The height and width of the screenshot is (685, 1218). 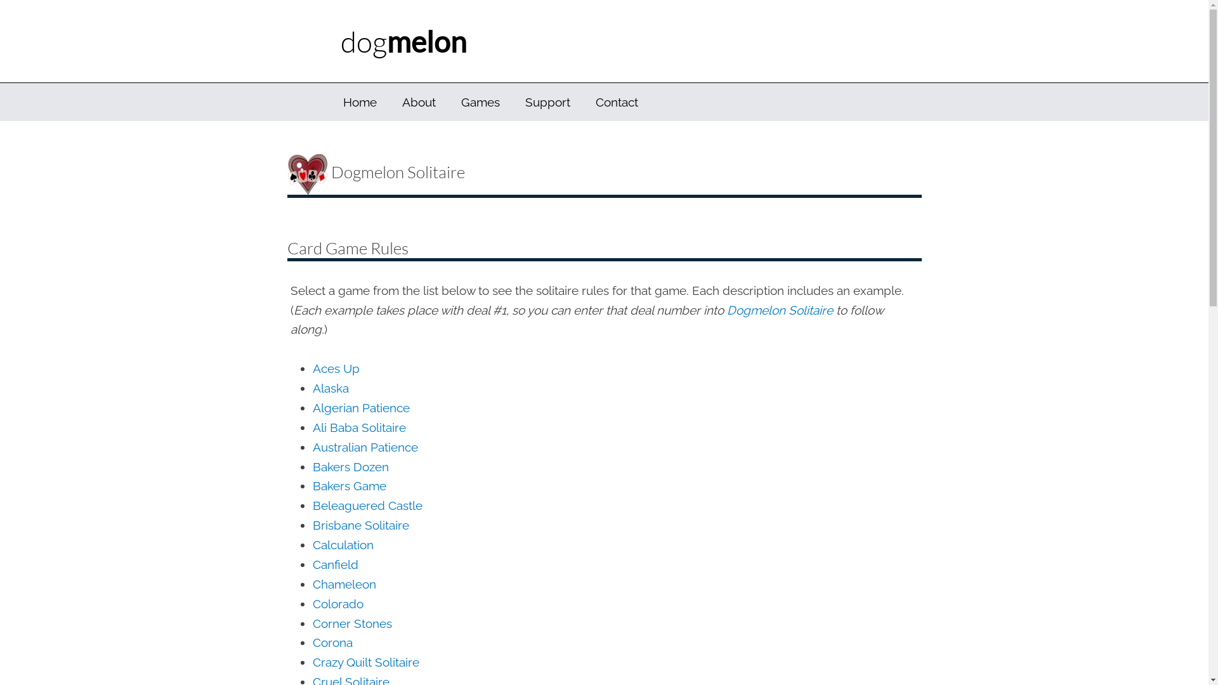 What do you see at coordinates (351, 623) in the screenshot?
I see `'Corner Stones'` at bounding box center [351, 623].